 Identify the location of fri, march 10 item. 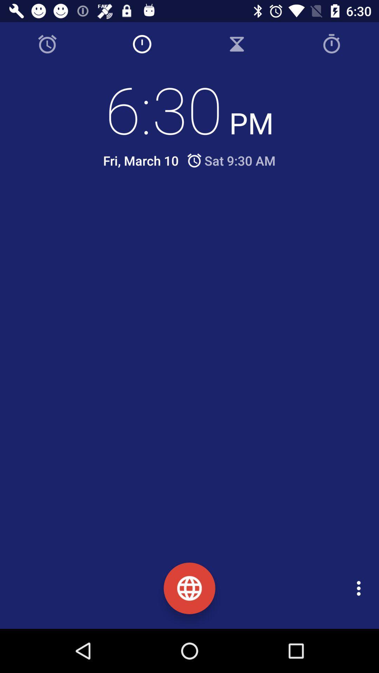
(141, 160).